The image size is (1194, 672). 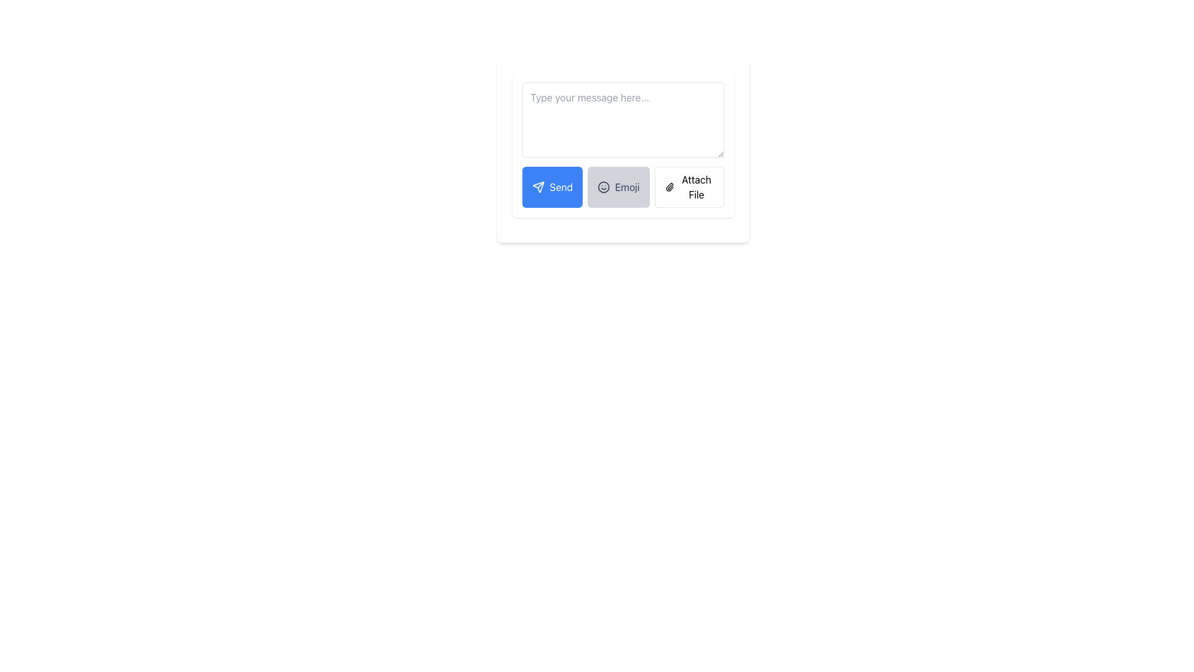 I want to click on the blue 'Send' button with rounded borders, which is the first button in the action button row, to send the message, so click(x=552, y=187).